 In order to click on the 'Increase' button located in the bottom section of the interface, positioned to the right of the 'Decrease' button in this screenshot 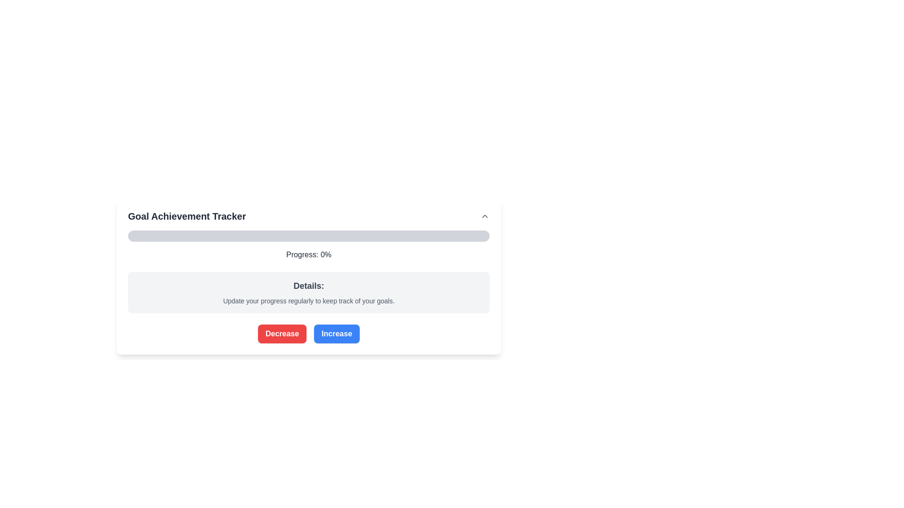, I will do `click(337, 333)`.